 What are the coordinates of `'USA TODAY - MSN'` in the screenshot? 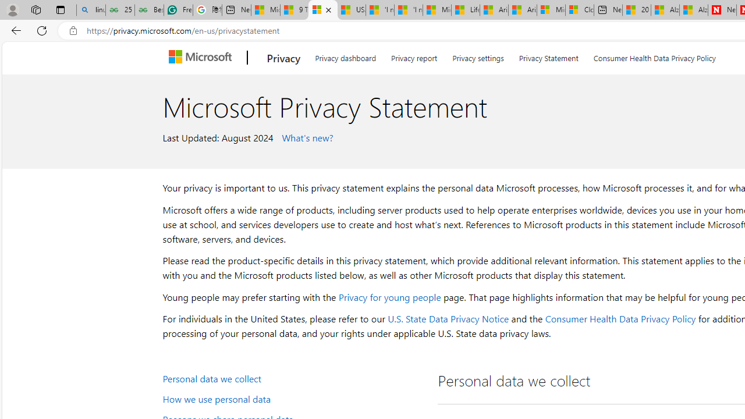 It's located at (351, 10).